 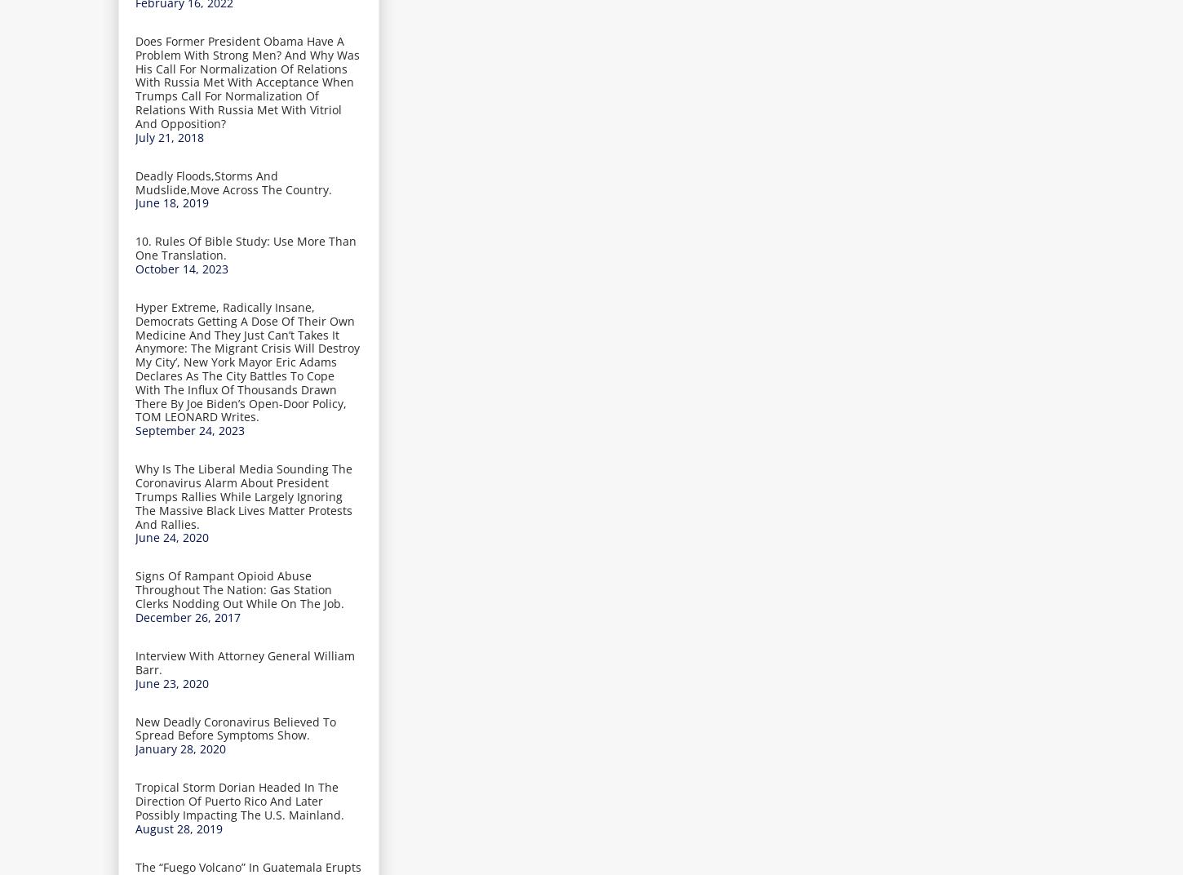 I want to click on 'August 28, 2019', so click(x=178, y=828).